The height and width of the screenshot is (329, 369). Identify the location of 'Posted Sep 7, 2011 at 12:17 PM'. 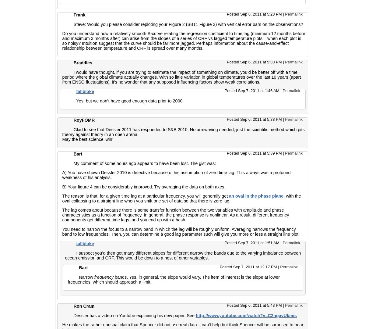
(220, 266).